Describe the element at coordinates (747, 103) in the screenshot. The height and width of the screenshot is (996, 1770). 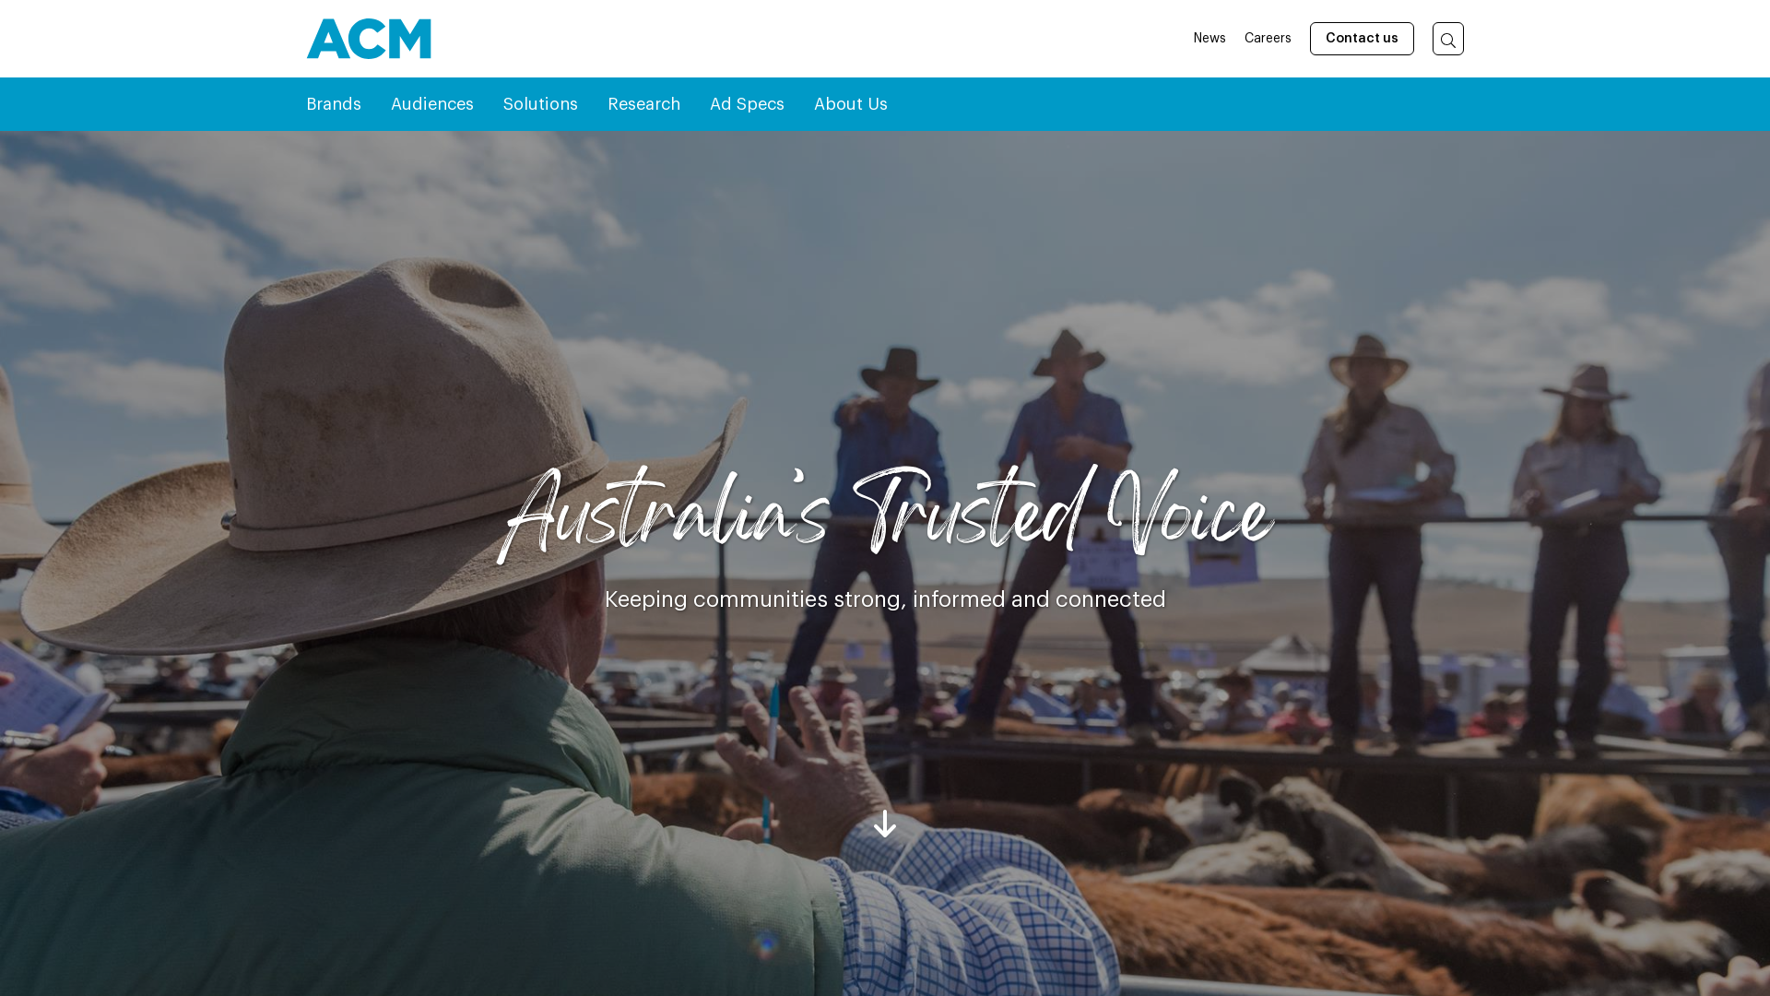
I see `'Ad Specs'` at that location.